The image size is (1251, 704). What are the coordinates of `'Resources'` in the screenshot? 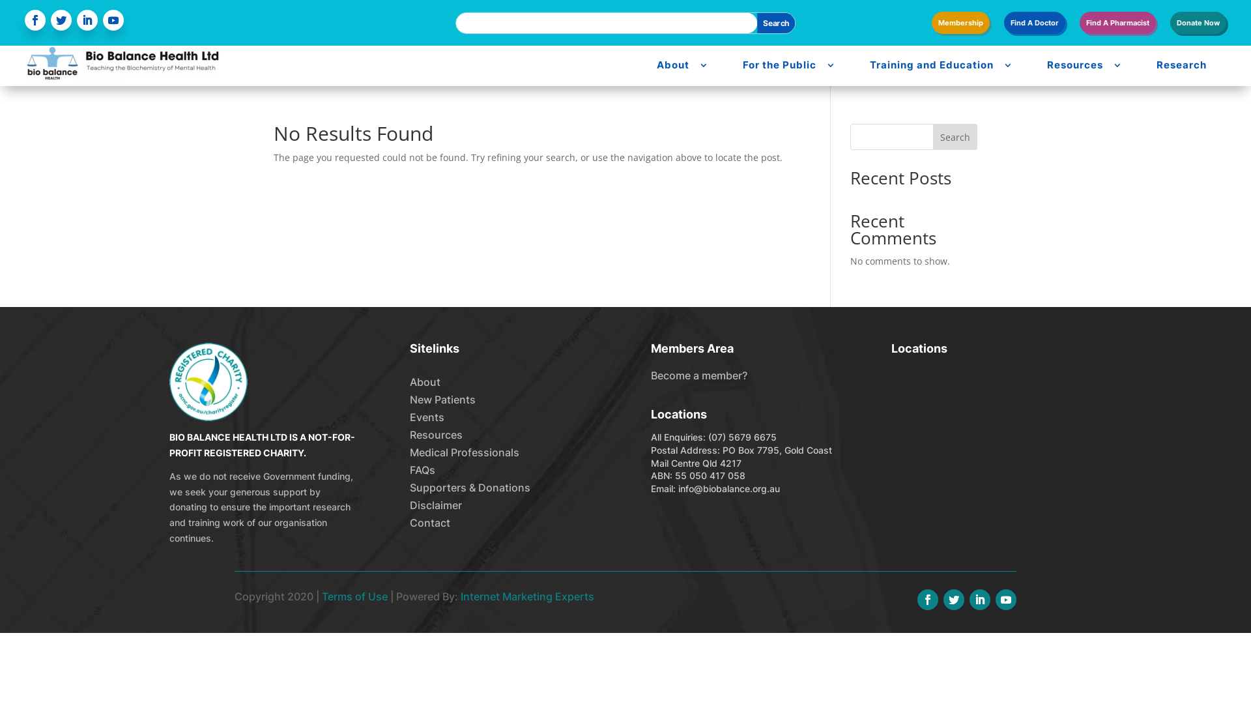 It's located at (1075, 65).